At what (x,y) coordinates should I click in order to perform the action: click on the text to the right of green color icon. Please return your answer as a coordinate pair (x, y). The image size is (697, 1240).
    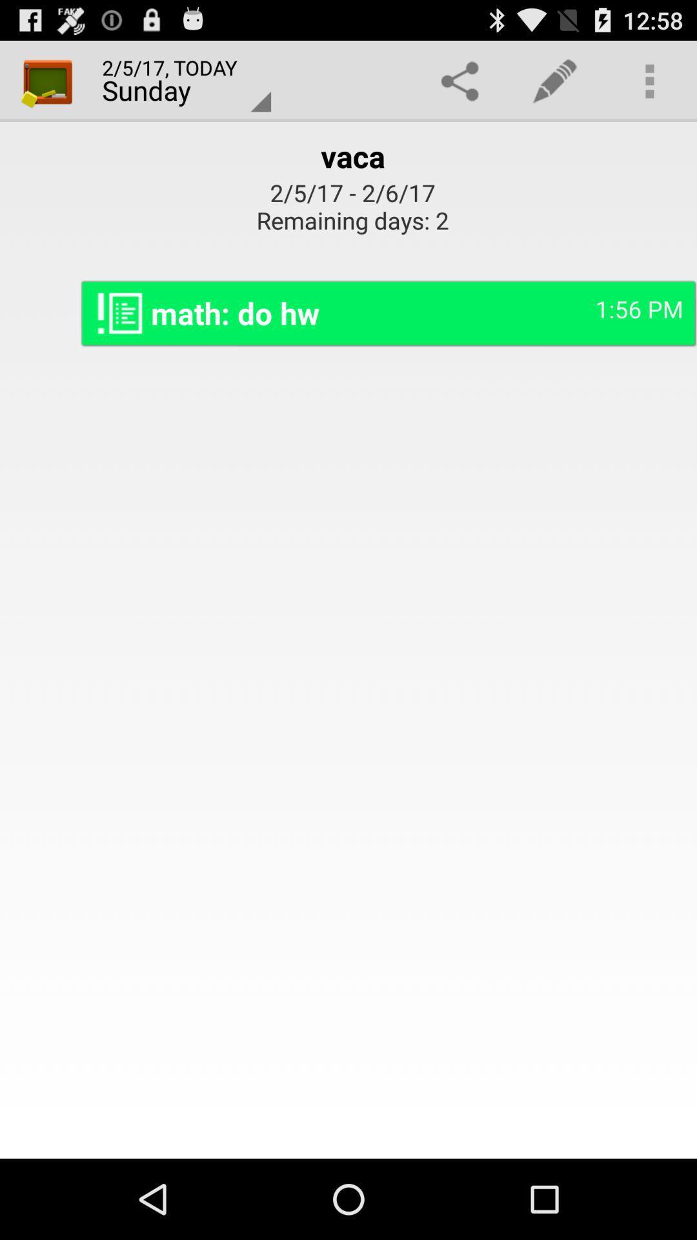
    Looking at the image, I should click on (179, 80).